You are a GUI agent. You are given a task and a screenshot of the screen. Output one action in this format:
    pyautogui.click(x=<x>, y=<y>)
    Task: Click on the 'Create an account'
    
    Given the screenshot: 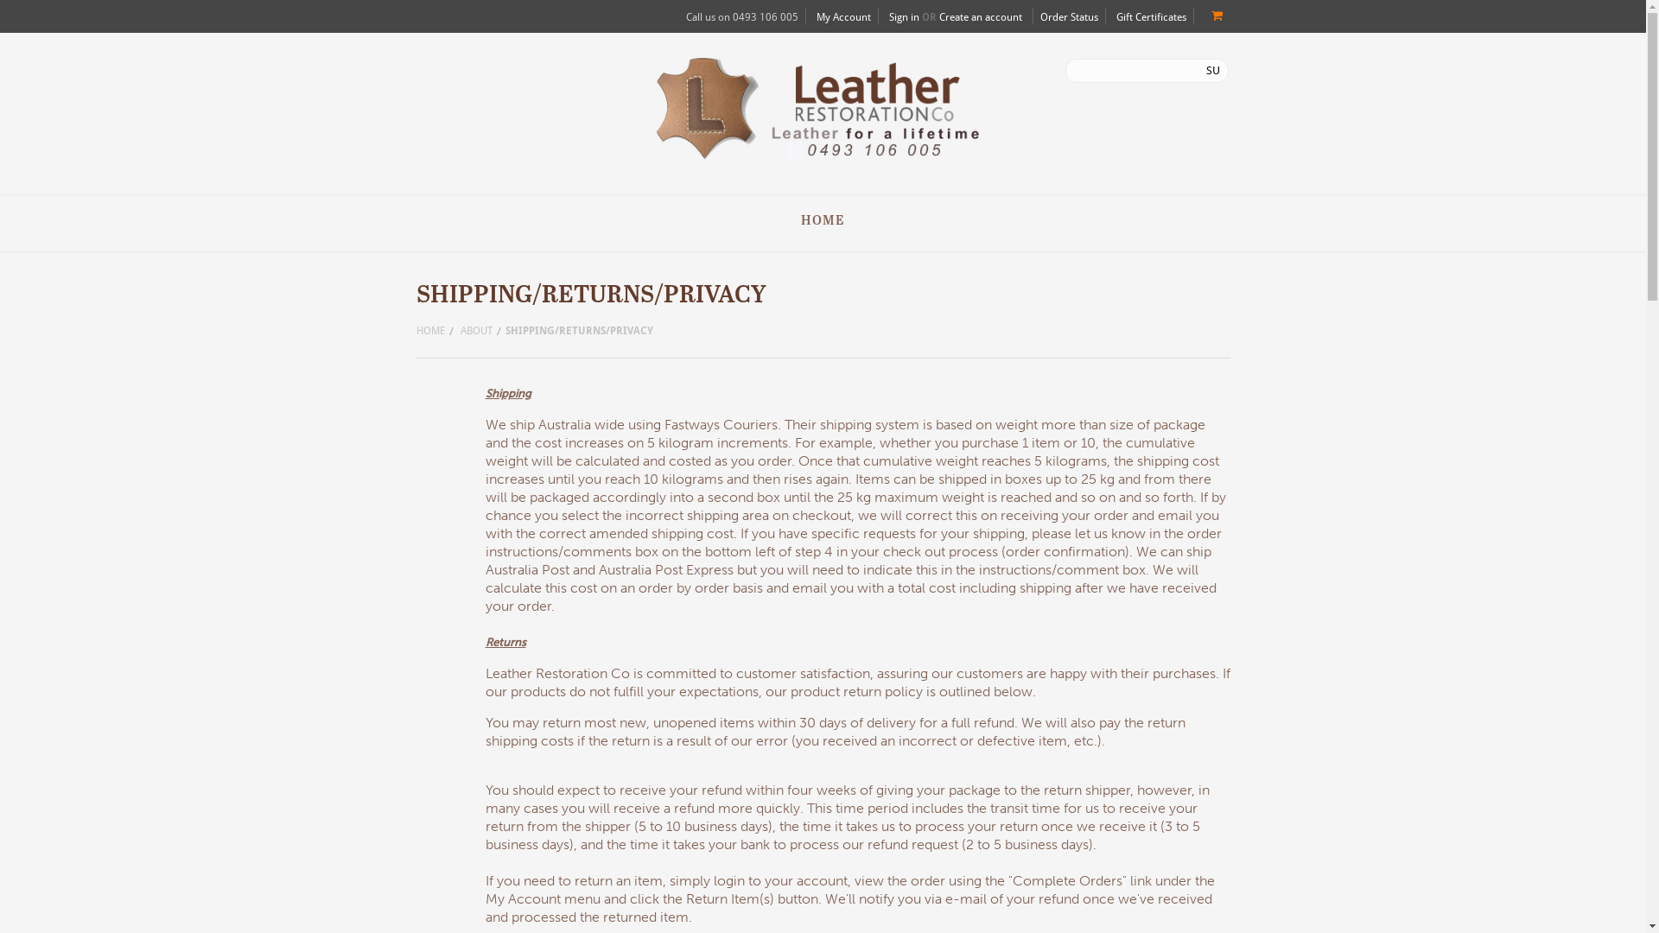 What is the action you would take?
    pyautogui.click(x=937, y=16)
    